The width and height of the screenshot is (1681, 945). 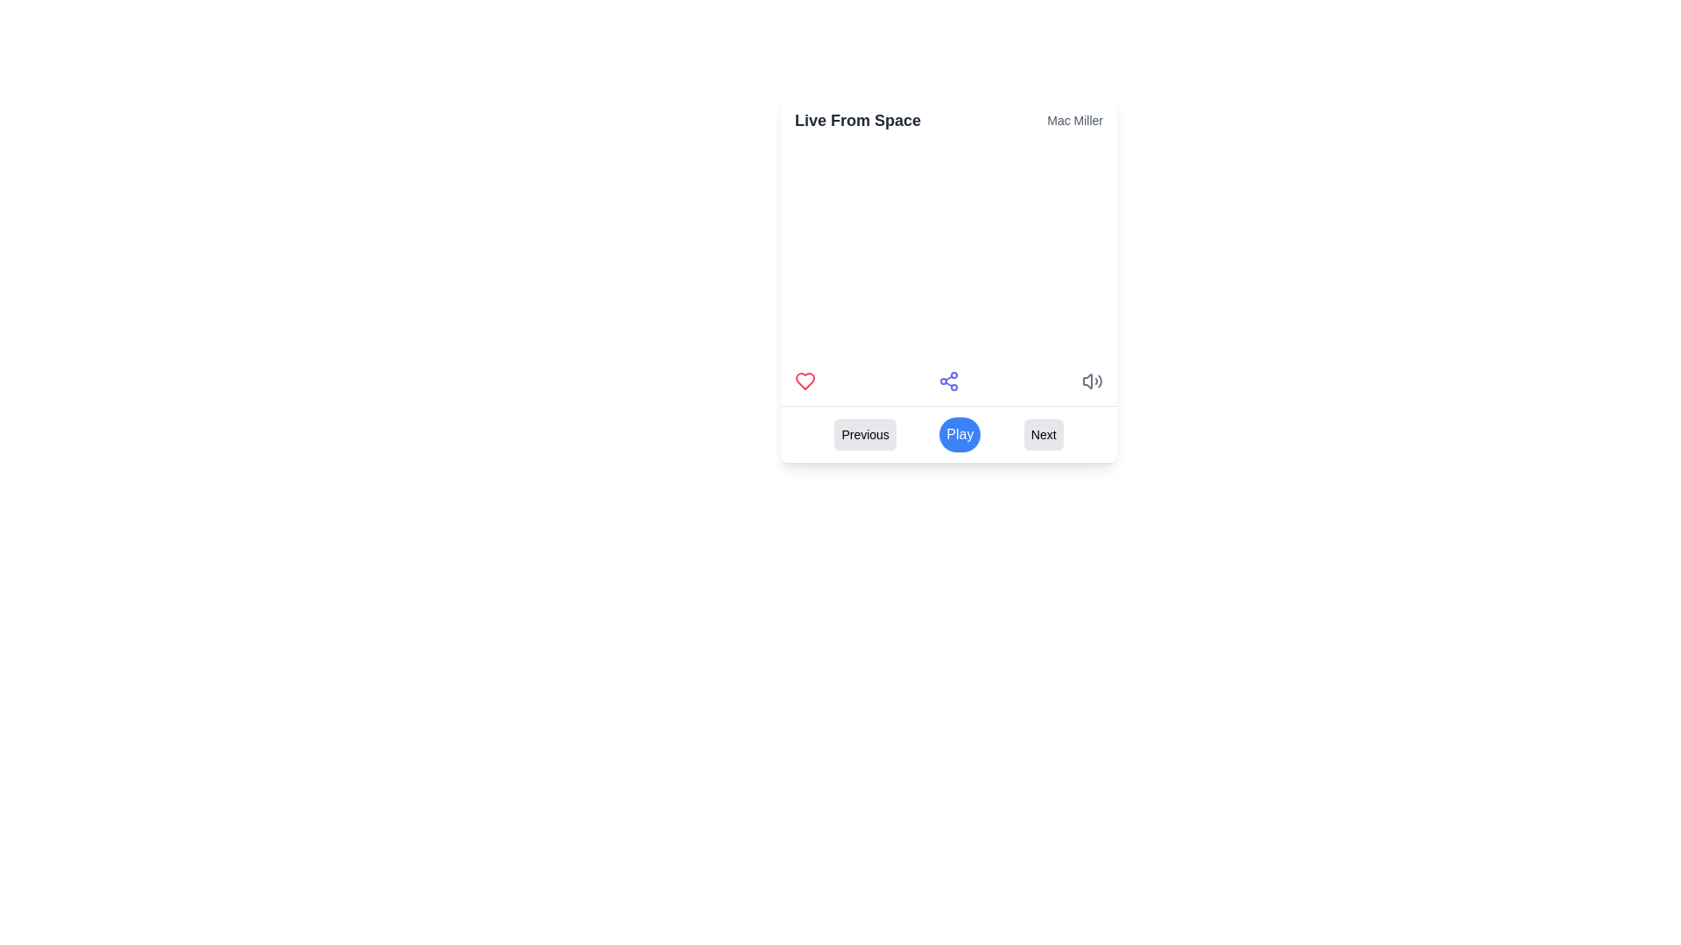 I want to click on the heart icon button located in the lower-left section of the card interface, so click(x=805, y=380).